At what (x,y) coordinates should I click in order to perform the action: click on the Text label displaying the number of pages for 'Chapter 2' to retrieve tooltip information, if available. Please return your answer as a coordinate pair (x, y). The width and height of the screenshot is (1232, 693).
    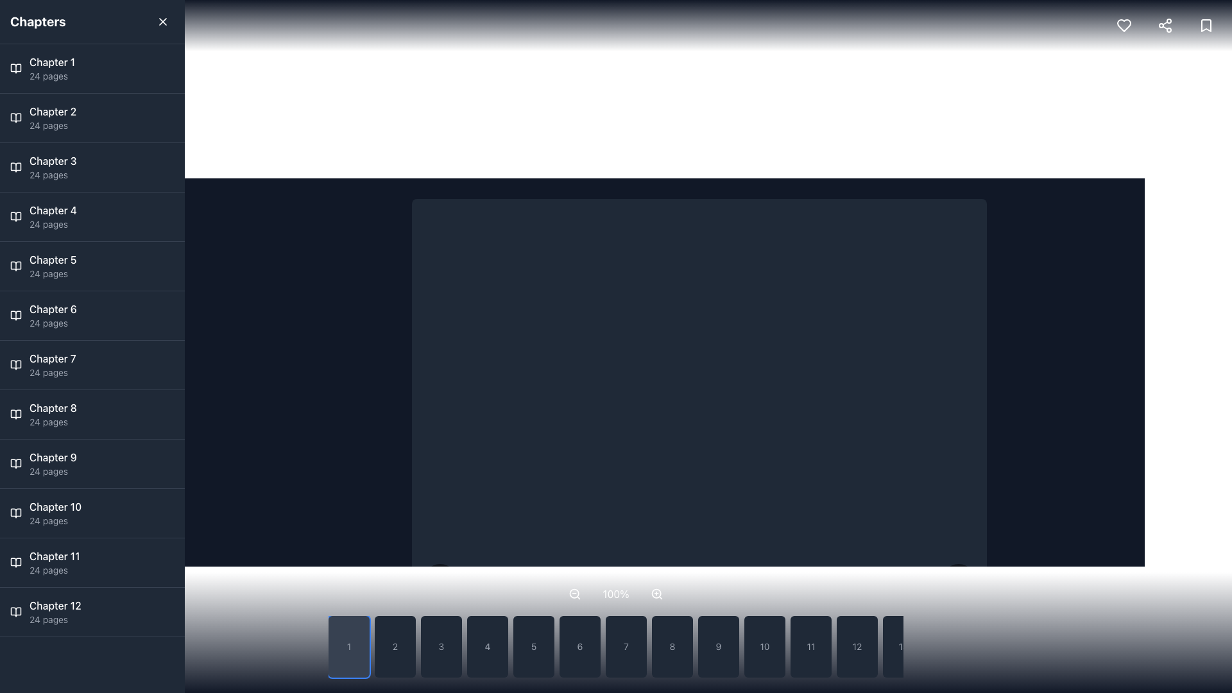
    Looking at the image, I should click on (52, 126).